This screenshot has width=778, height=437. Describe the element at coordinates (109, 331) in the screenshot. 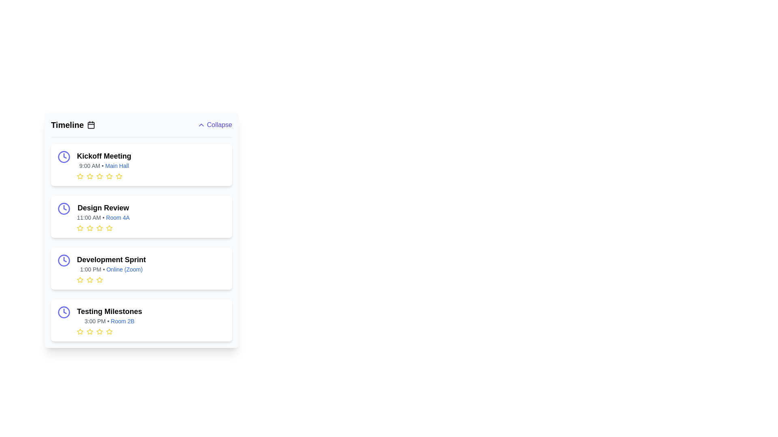

I see `the fifth Rating Star Icon in the Testing Milestones row at the bottom of the timeline widget` at that location.